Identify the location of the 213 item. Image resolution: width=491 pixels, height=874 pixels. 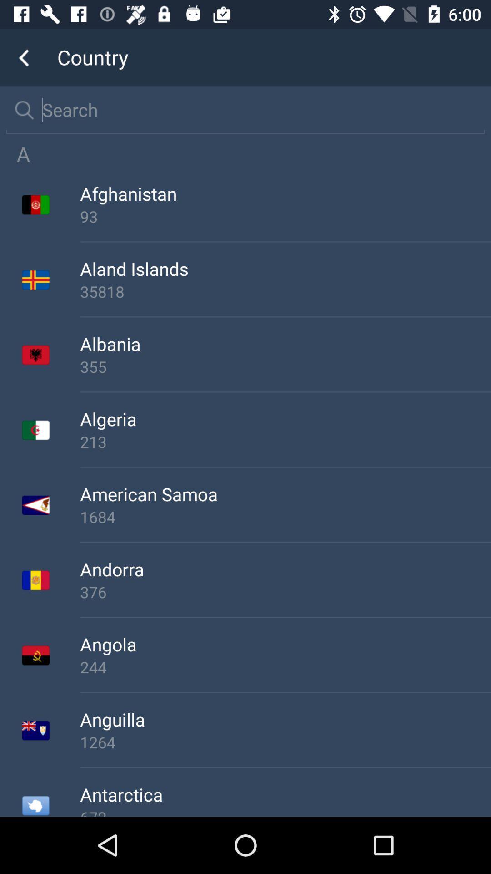
(285, 442).